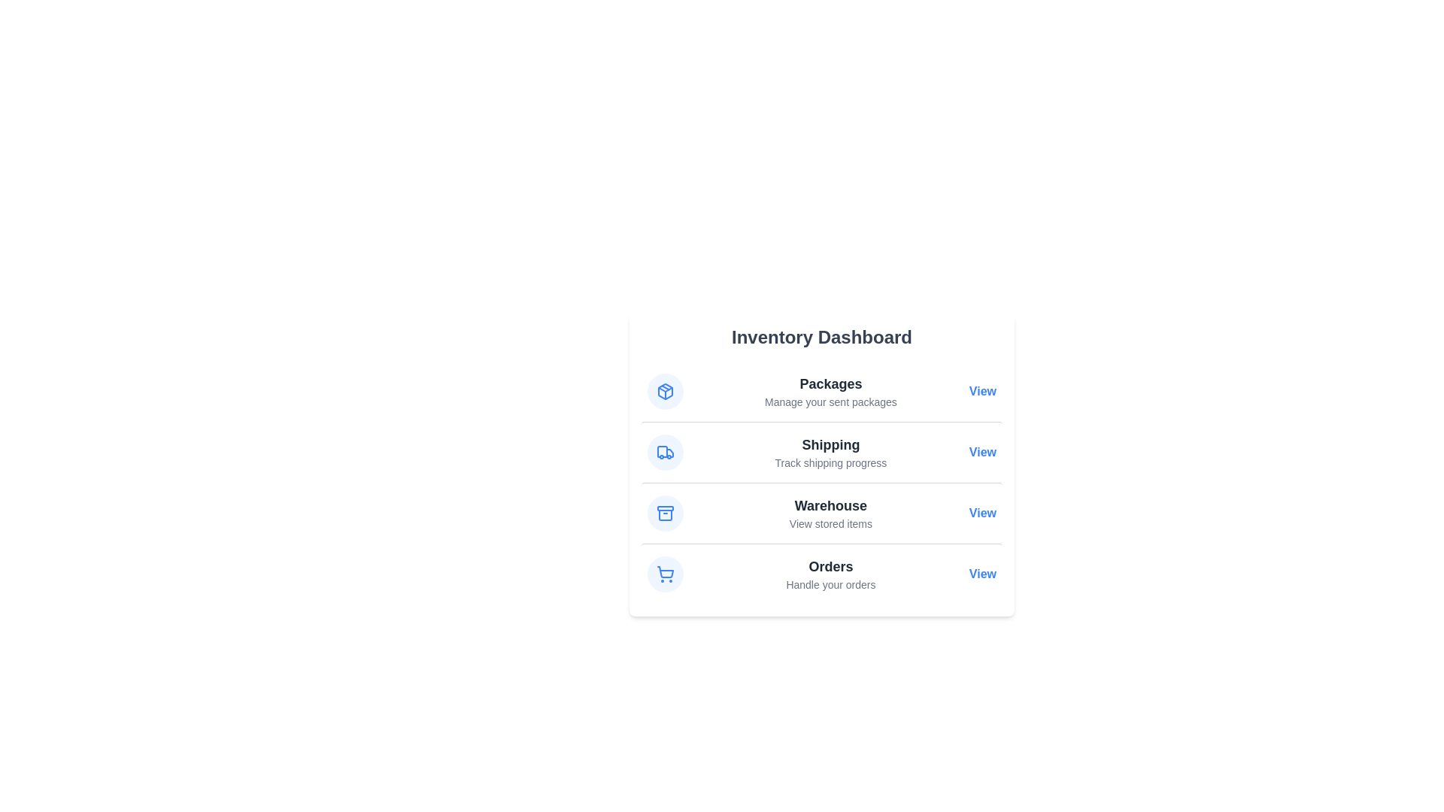 This screenshot has height=812, width=1444. What do you see at coordinates (821, 390) in the screenshot?
I see `the list item corresponding to Packages` at bounding box center [821, 390].